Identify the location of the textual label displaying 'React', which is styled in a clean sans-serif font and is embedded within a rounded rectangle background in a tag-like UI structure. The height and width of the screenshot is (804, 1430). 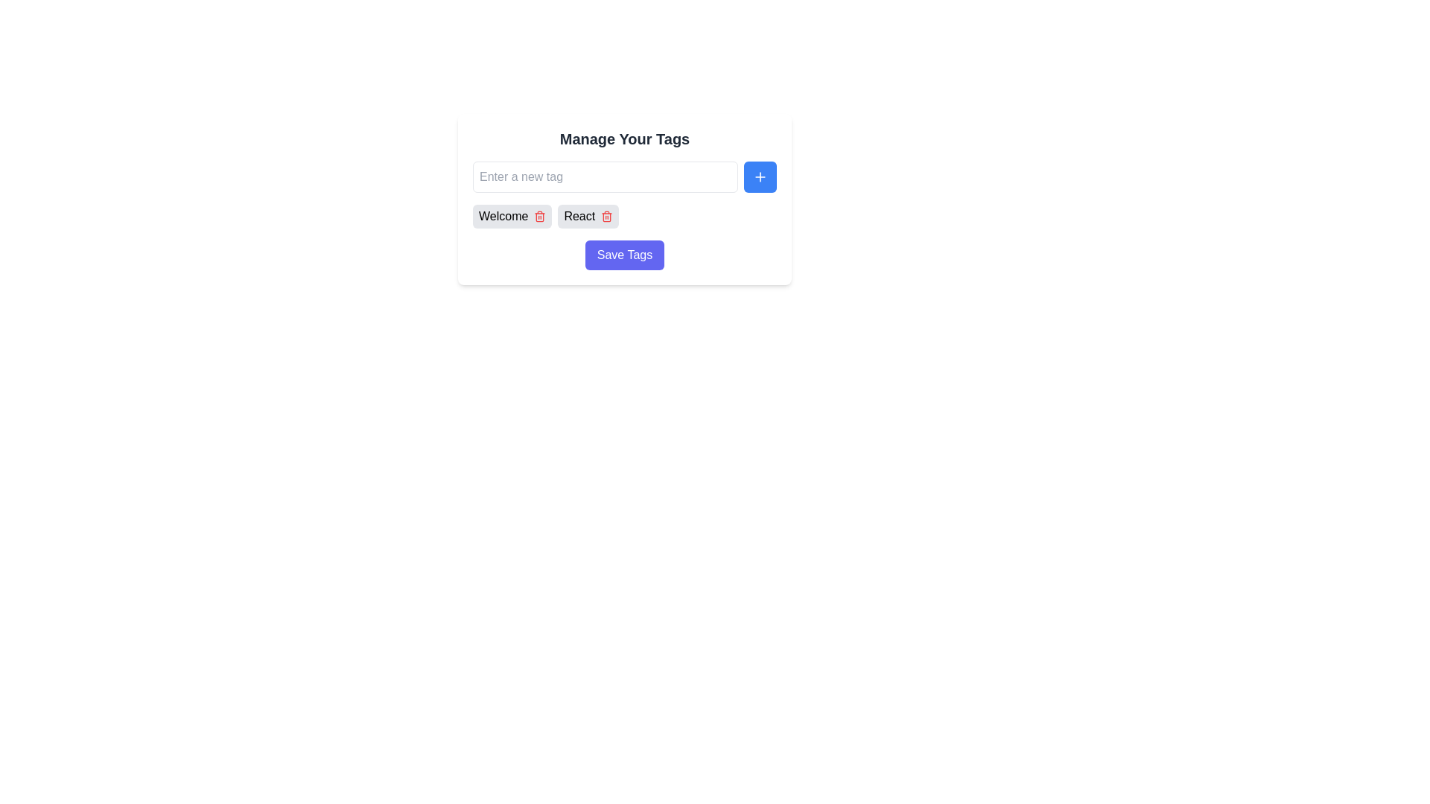
(579, 216).